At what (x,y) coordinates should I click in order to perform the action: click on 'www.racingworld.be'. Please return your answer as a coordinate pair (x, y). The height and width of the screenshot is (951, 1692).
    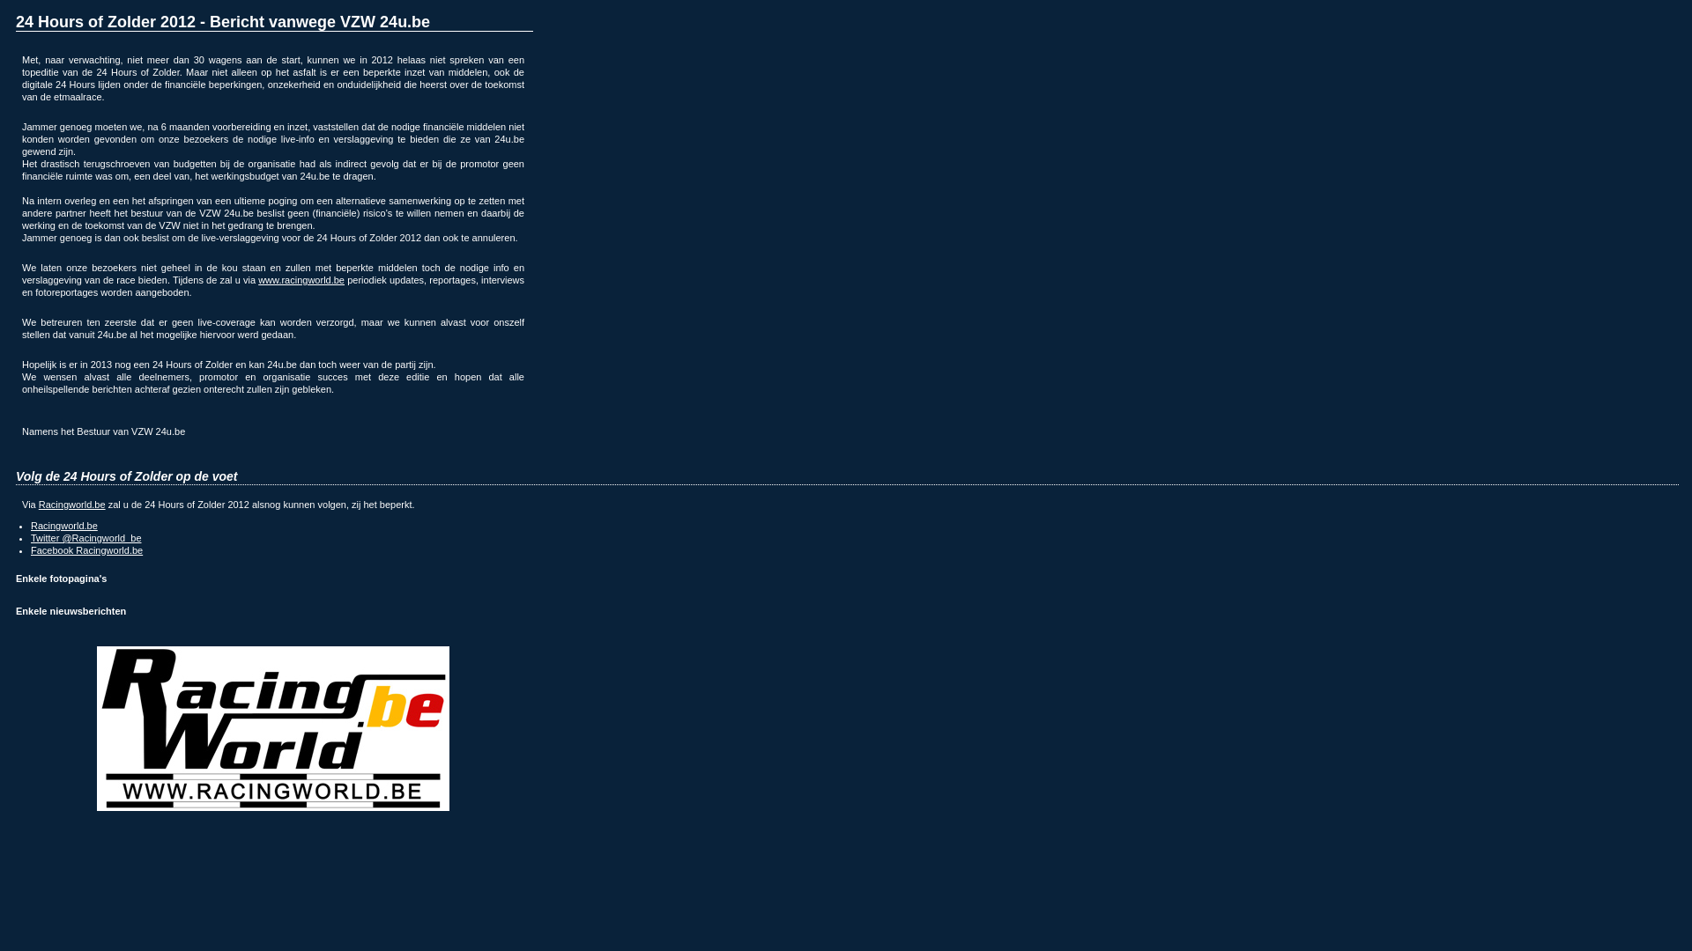
    Looking at the image, I should click on (301, 278).